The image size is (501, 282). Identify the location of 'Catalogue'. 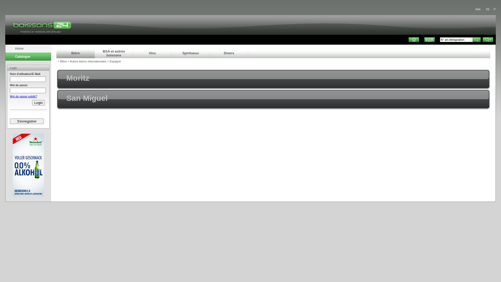
(28, 56).